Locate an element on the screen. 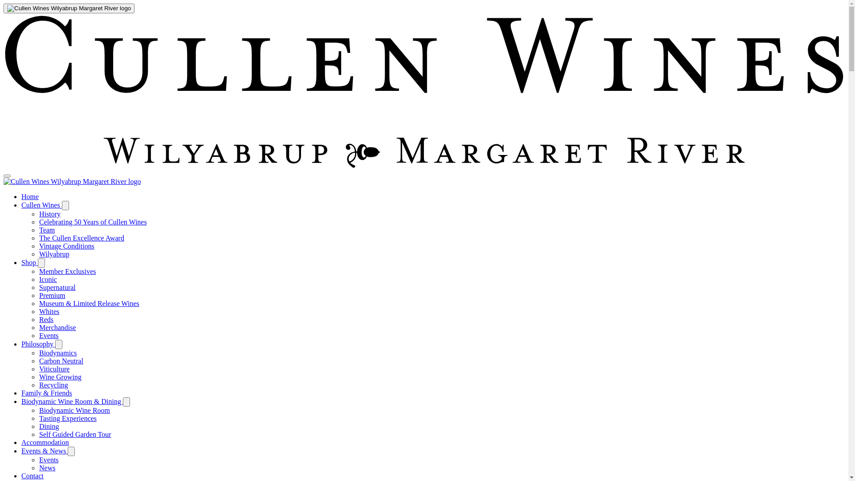 The image size is (855, 481). 'Events & News' is located at coordinates (44, 451).